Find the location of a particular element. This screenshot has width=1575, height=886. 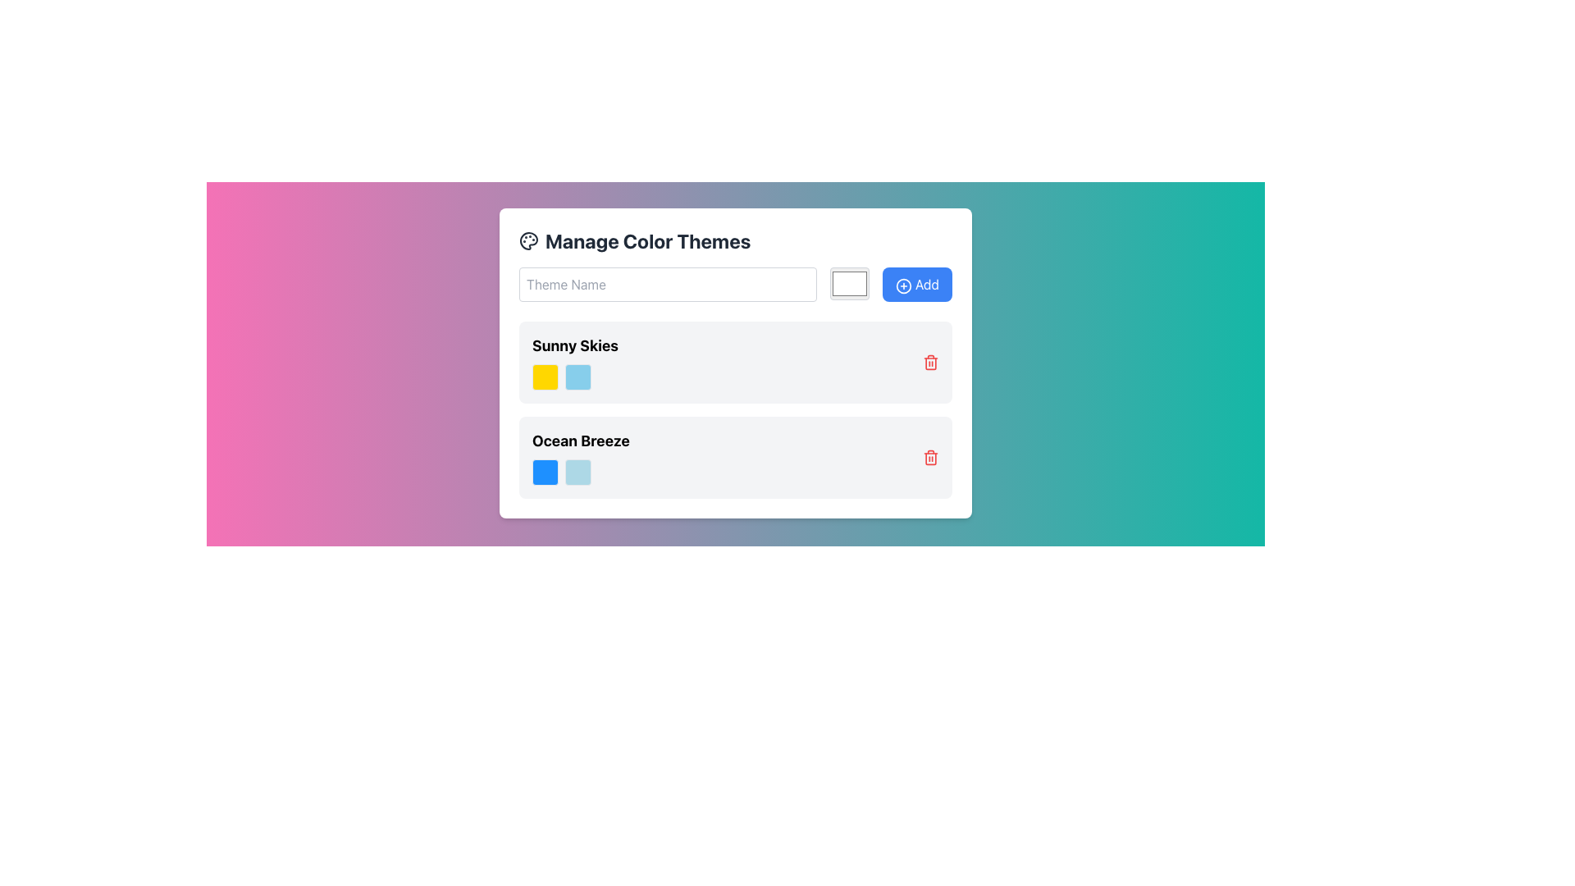

the palette icon located next to the heading text 'Manage Color Themes', which features a minimalist line art design with multiple colored circles is located at coordinates (528, 240).